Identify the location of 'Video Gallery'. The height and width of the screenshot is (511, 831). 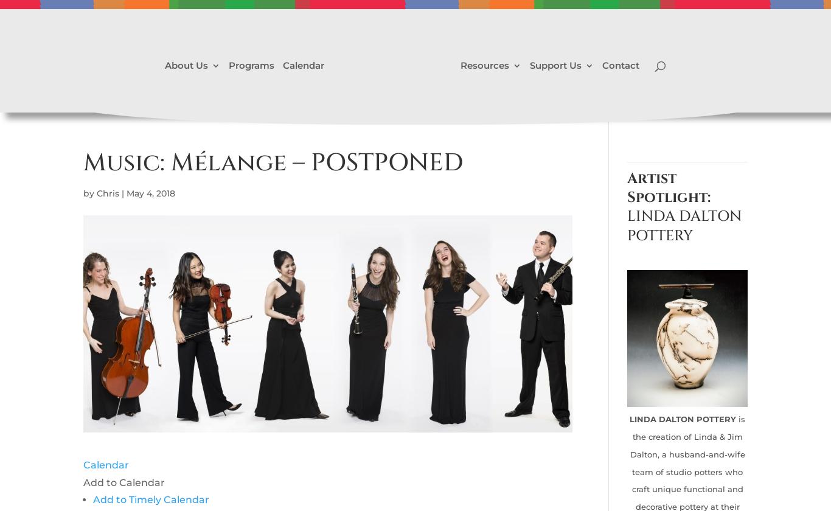
(219, 252).